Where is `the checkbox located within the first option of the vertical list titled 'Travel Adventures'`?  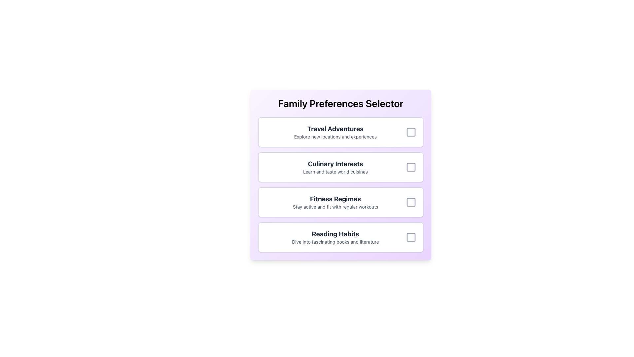 the checkbox located within the first option of the vertical list titled 'Travel Adventures' is located at coordinates (410, 132).